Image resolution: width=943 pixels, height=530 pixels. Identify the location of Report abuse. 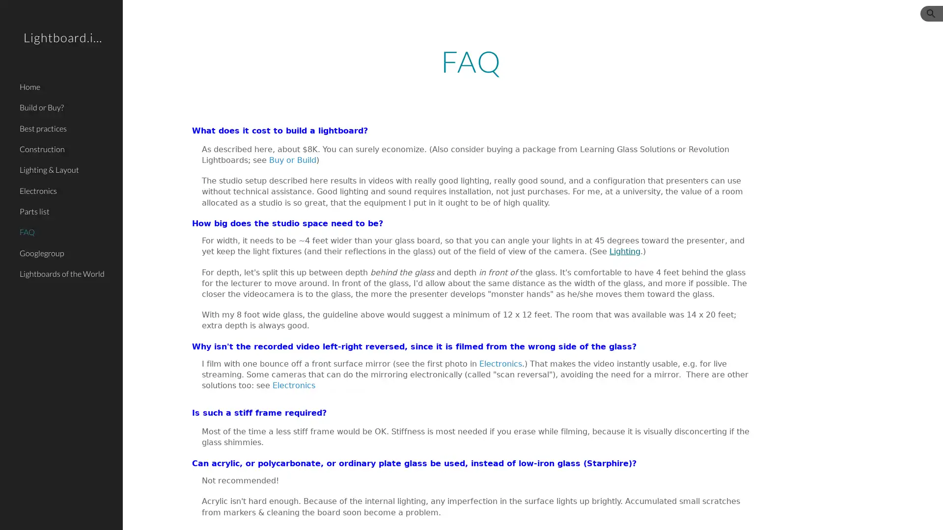
(241, 512).